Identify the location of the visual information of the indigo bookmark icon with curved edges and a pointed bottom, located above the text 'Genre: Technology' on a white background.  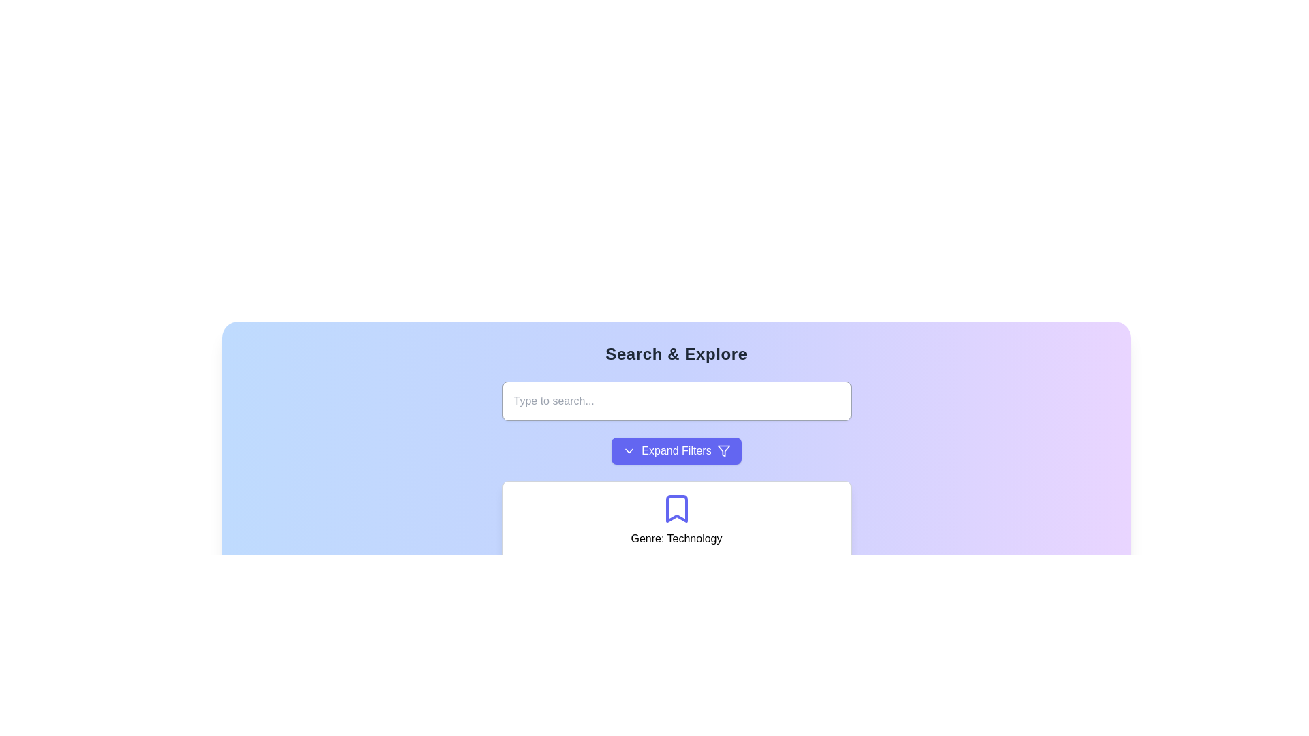
(676, 509).